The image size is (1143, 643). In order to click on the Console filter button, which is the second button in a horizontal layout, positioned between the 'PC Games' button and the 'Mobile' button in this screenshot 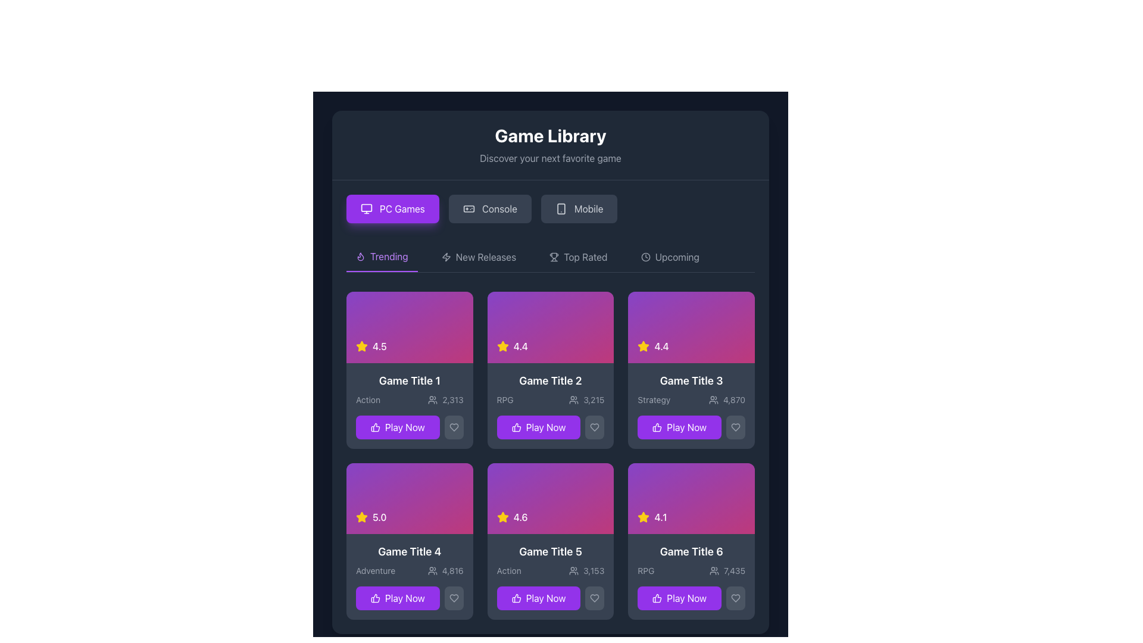, I will do `click(490, 208)`.